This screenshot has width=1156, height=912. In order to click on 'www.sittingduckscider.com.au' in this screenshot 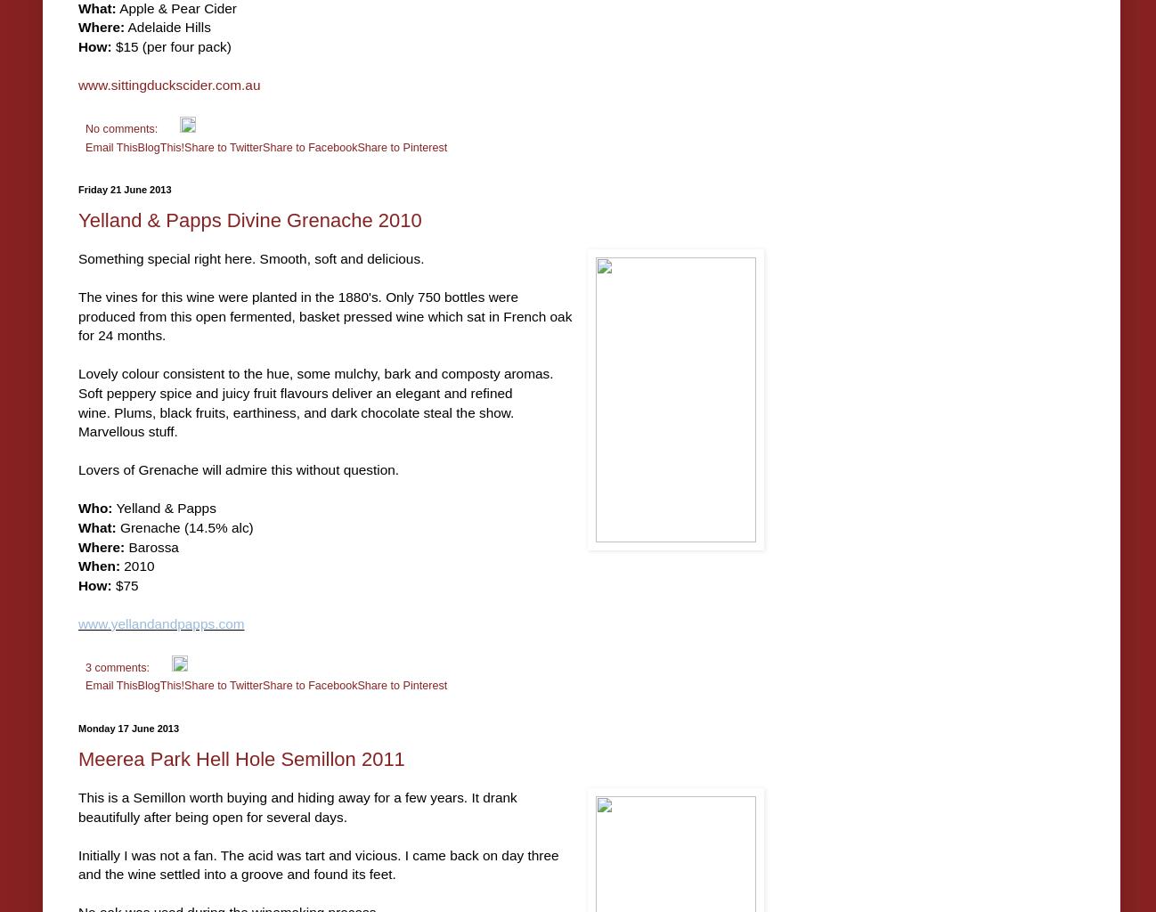, I will do `click(168, 84)`.